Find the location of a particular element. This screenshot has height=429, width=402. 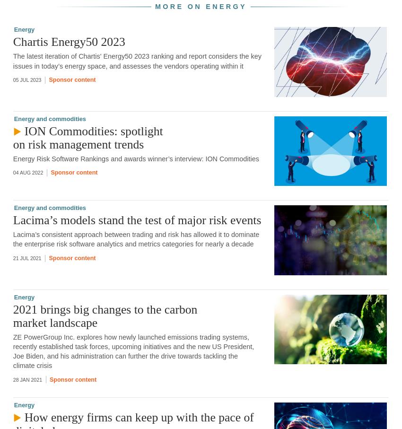

'Chartis Energy50 2023' is located at coordinates (69, 41).